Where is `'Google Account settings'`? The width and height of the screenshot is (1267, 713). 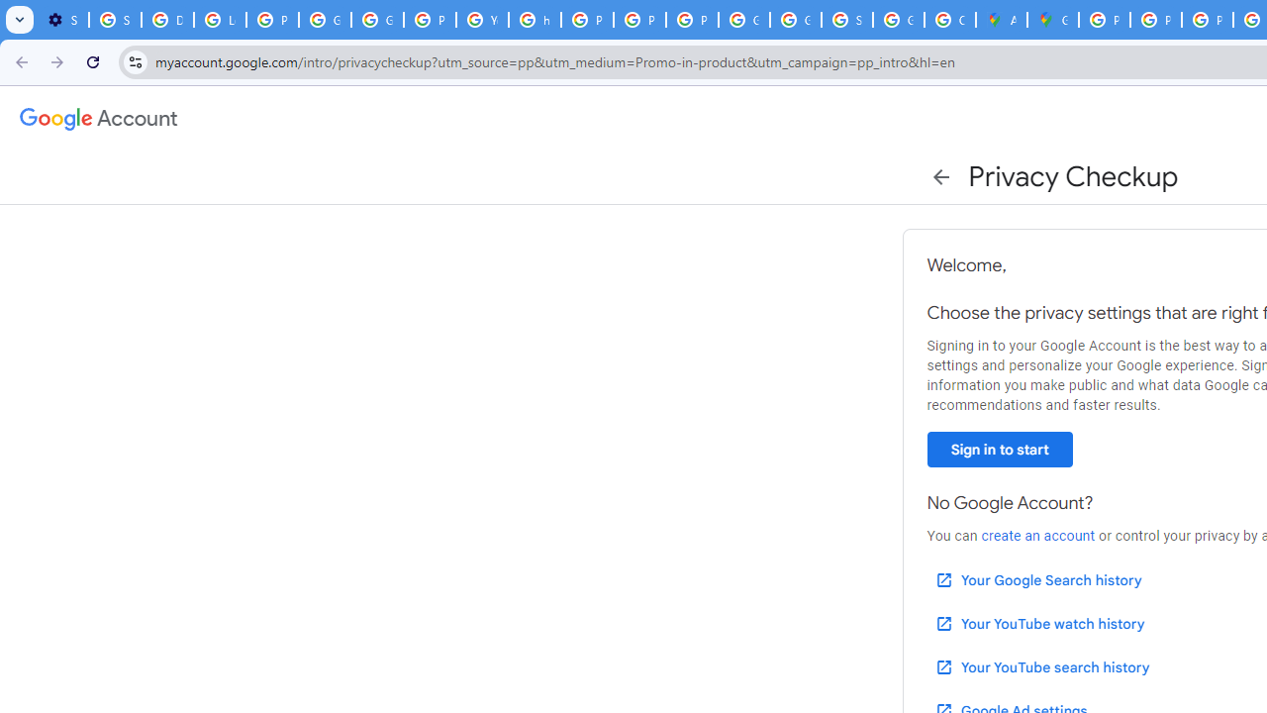 'Google Account settings' is located at coordinates (98, 119).